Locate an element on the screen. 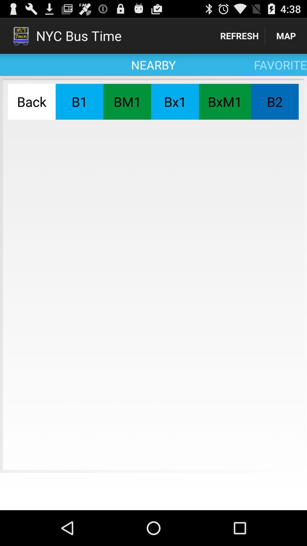  app to the right of the nearby icon is located at coordinates (239, 35).